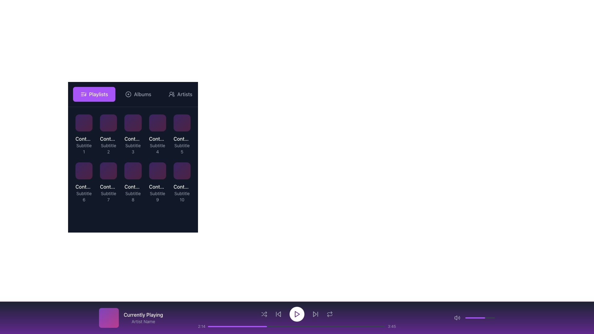 The width and height of the screenshot is (594, 334). What do you see at coordinates (108, 171) in the screenshot?
I see `the seventh tile in the grid under the 'Playlists' section` at bounding box center [108, 171].